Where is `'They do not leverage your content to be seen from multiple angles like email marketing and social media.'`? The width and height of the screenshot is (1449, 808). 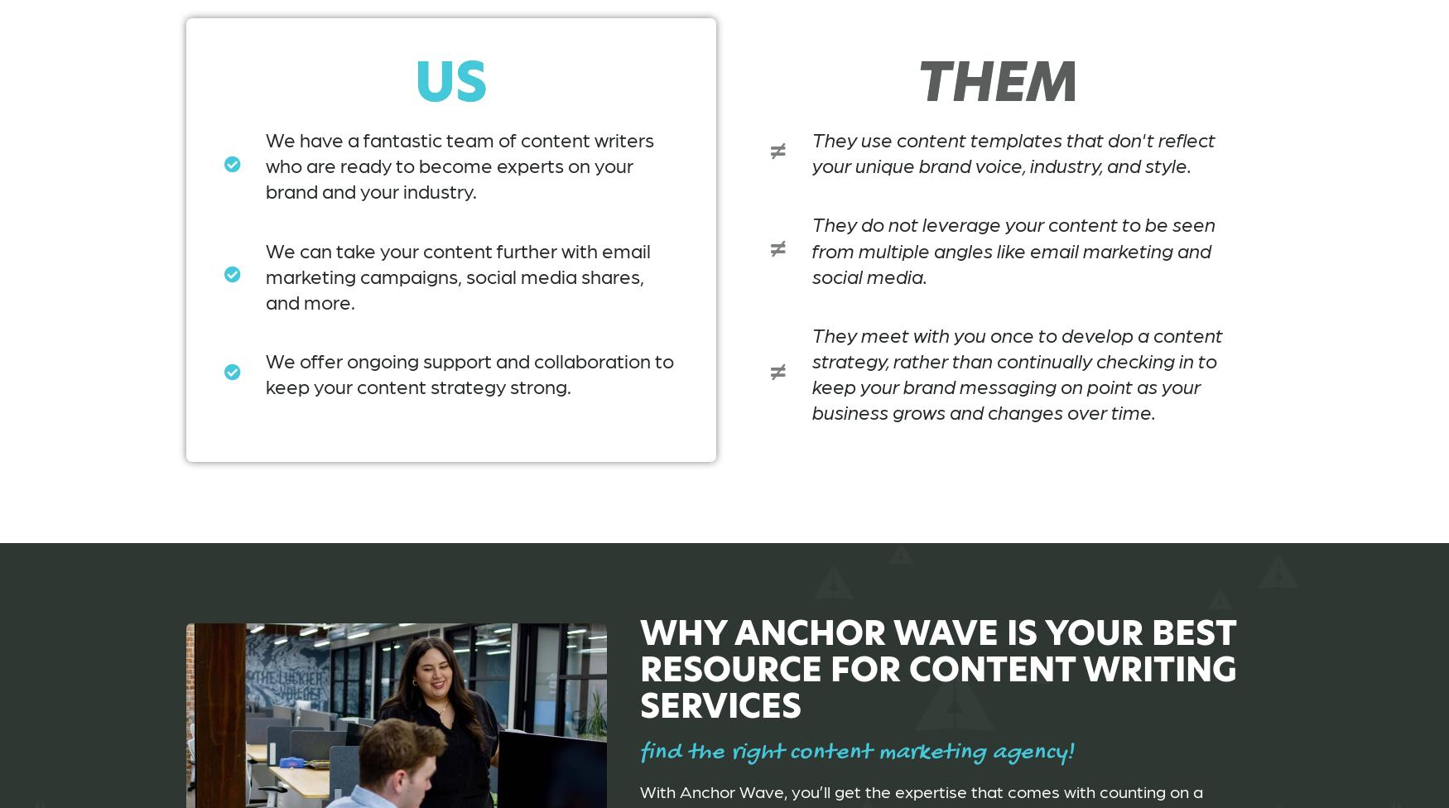
'They do not leverage your content to be seen from multiple angles like email marketing and social media.' is located at coordinates (1013, 248).